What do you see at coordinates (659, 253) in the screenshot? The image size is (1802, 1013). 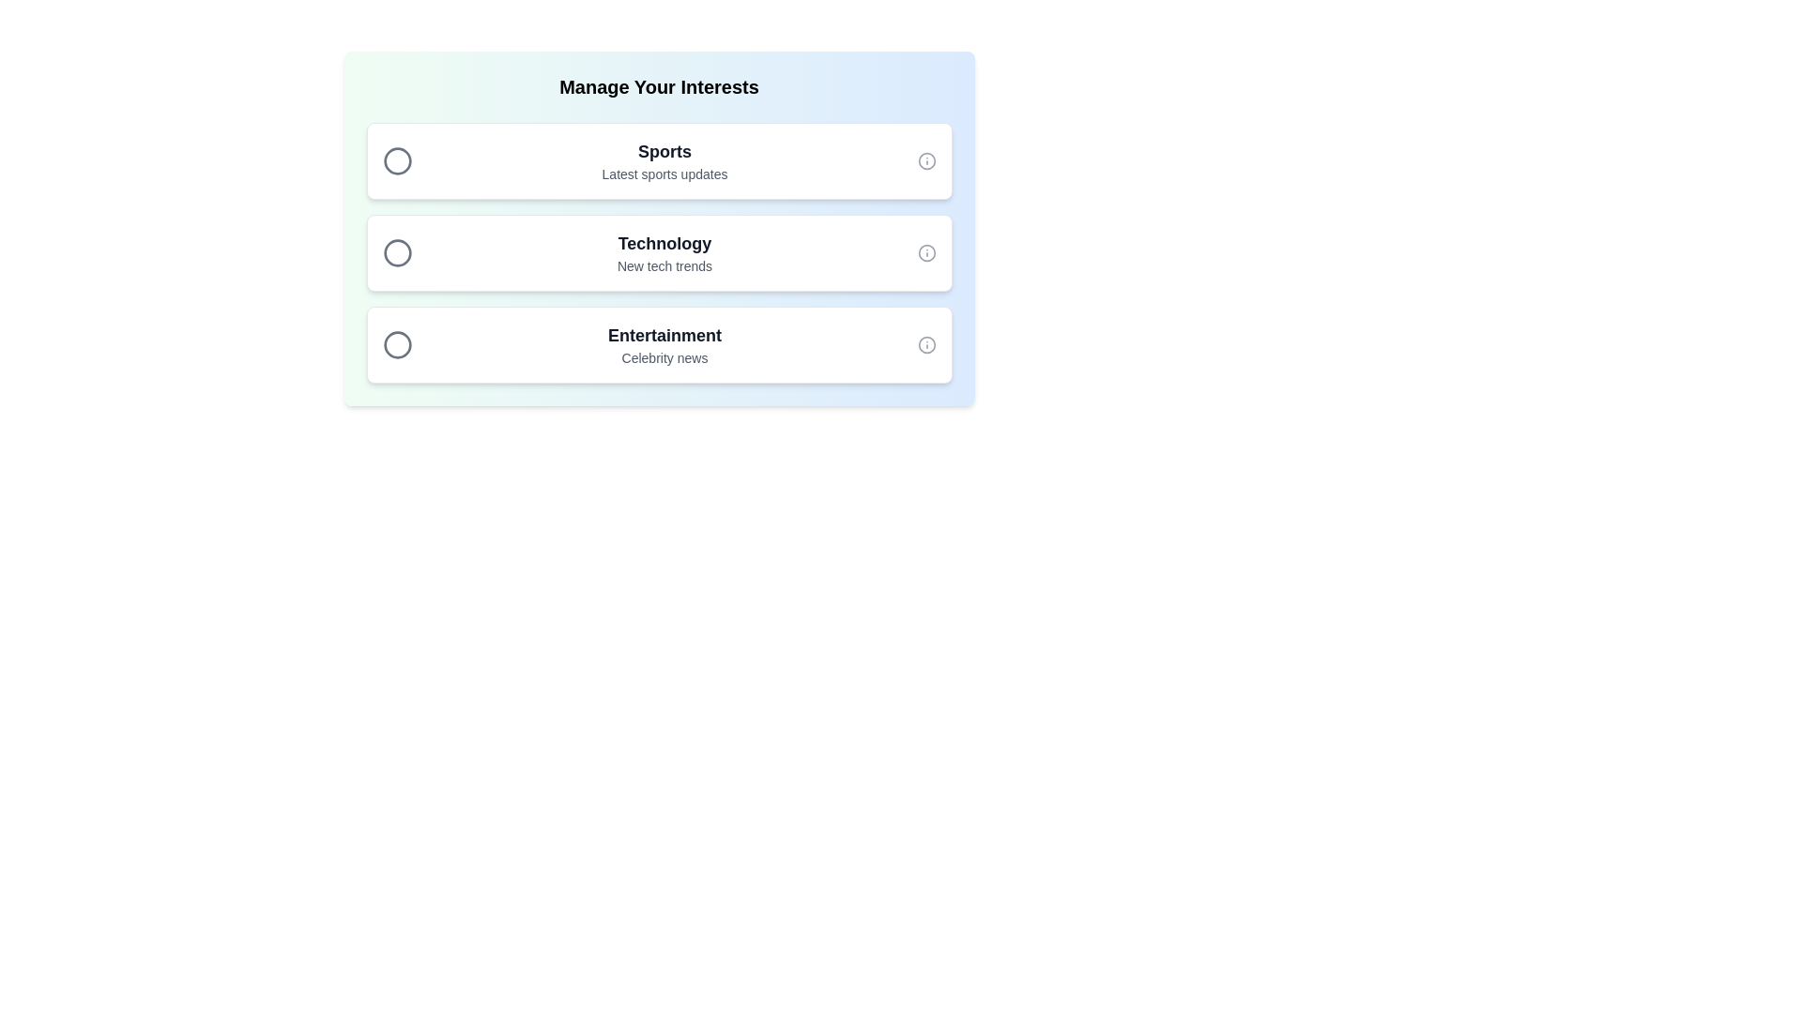 I see `the chip item labeled Technology to observe the visual feedback` at bounding box center [659, 253].